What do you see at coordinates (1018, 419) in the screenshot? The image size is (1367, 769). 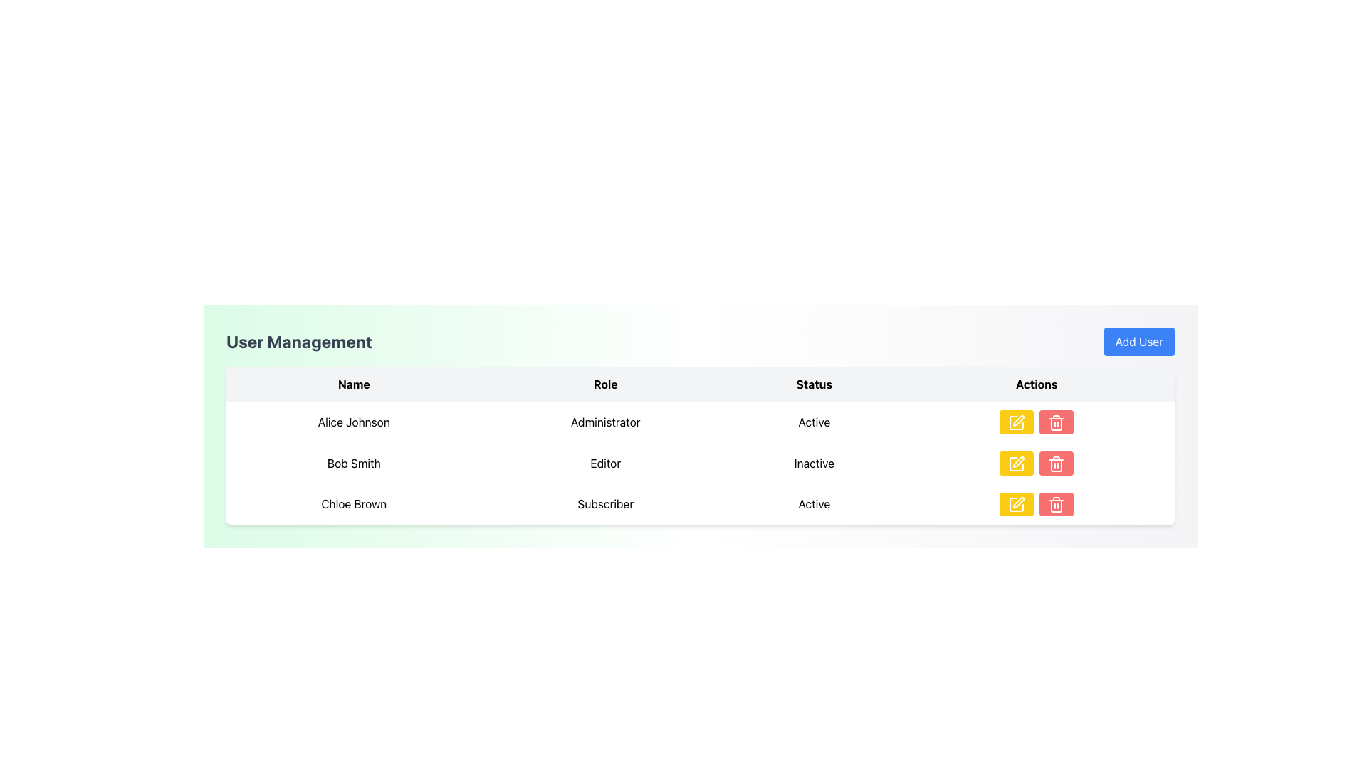 I see `the edit icon (yellow square with a pen symbol) in the second column of action buttons for 'Bob Smith'` at bounding box center [1018, 419].